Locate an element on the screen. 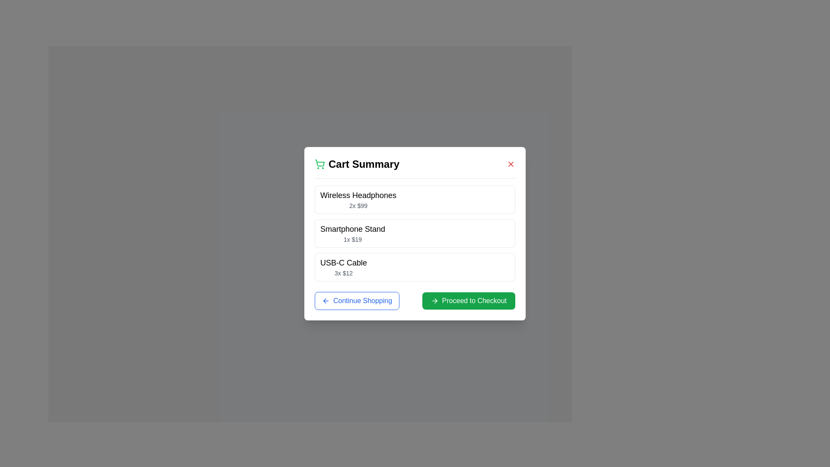 The height and width of the screenshot is (467, 830). the label for 'USB-C Cable' in the Cart Summary box, which is positioned above the price text '3x $12' is located at coordinates (343, 262).